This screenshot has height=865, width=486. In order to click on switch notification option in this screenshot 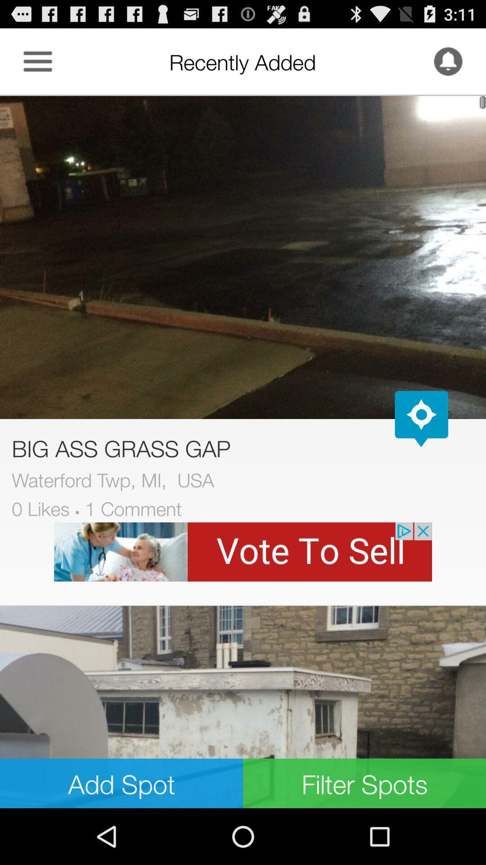, I will do `click(448, 61)`.